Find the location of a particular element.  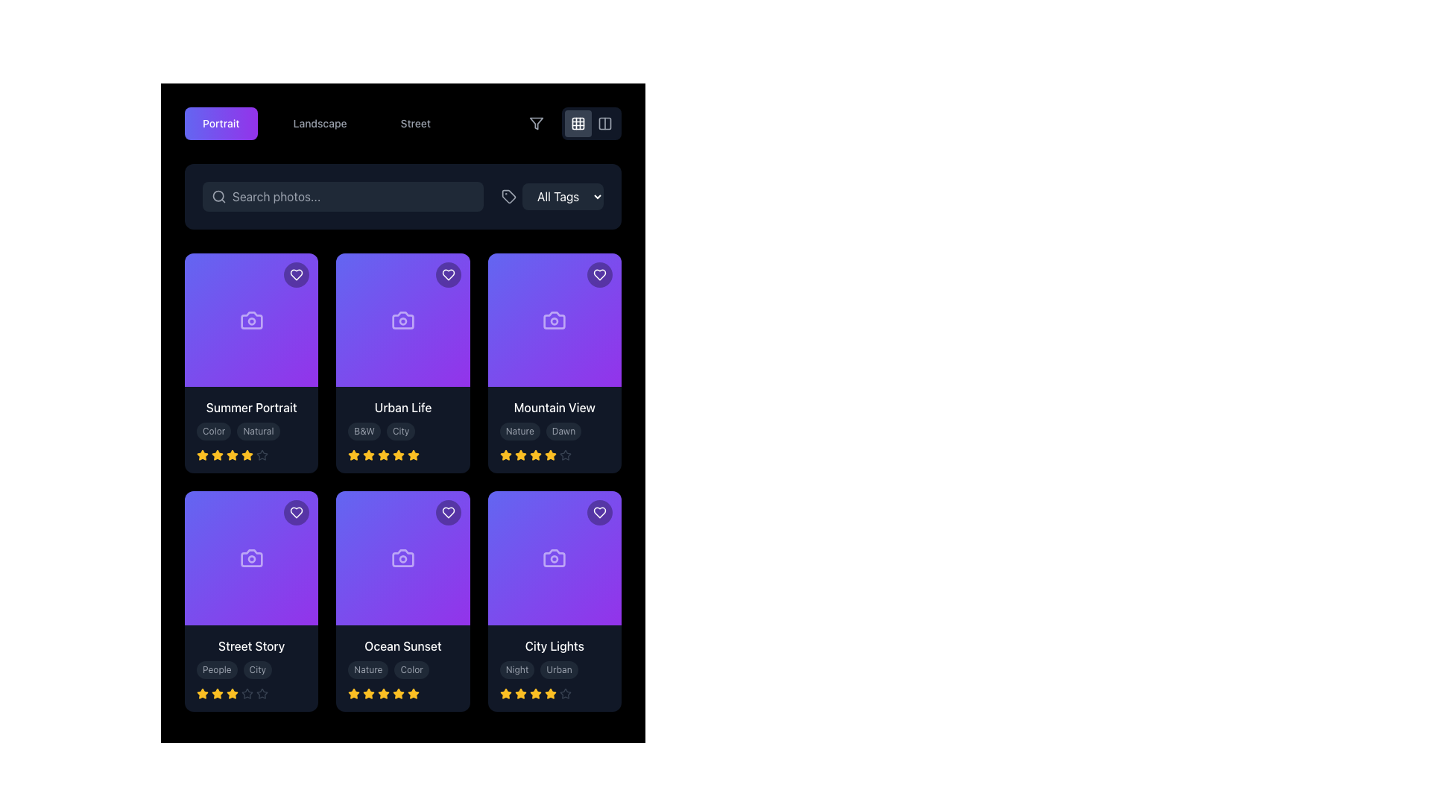

the toggle display mode button is located at coordinates (572, 122).